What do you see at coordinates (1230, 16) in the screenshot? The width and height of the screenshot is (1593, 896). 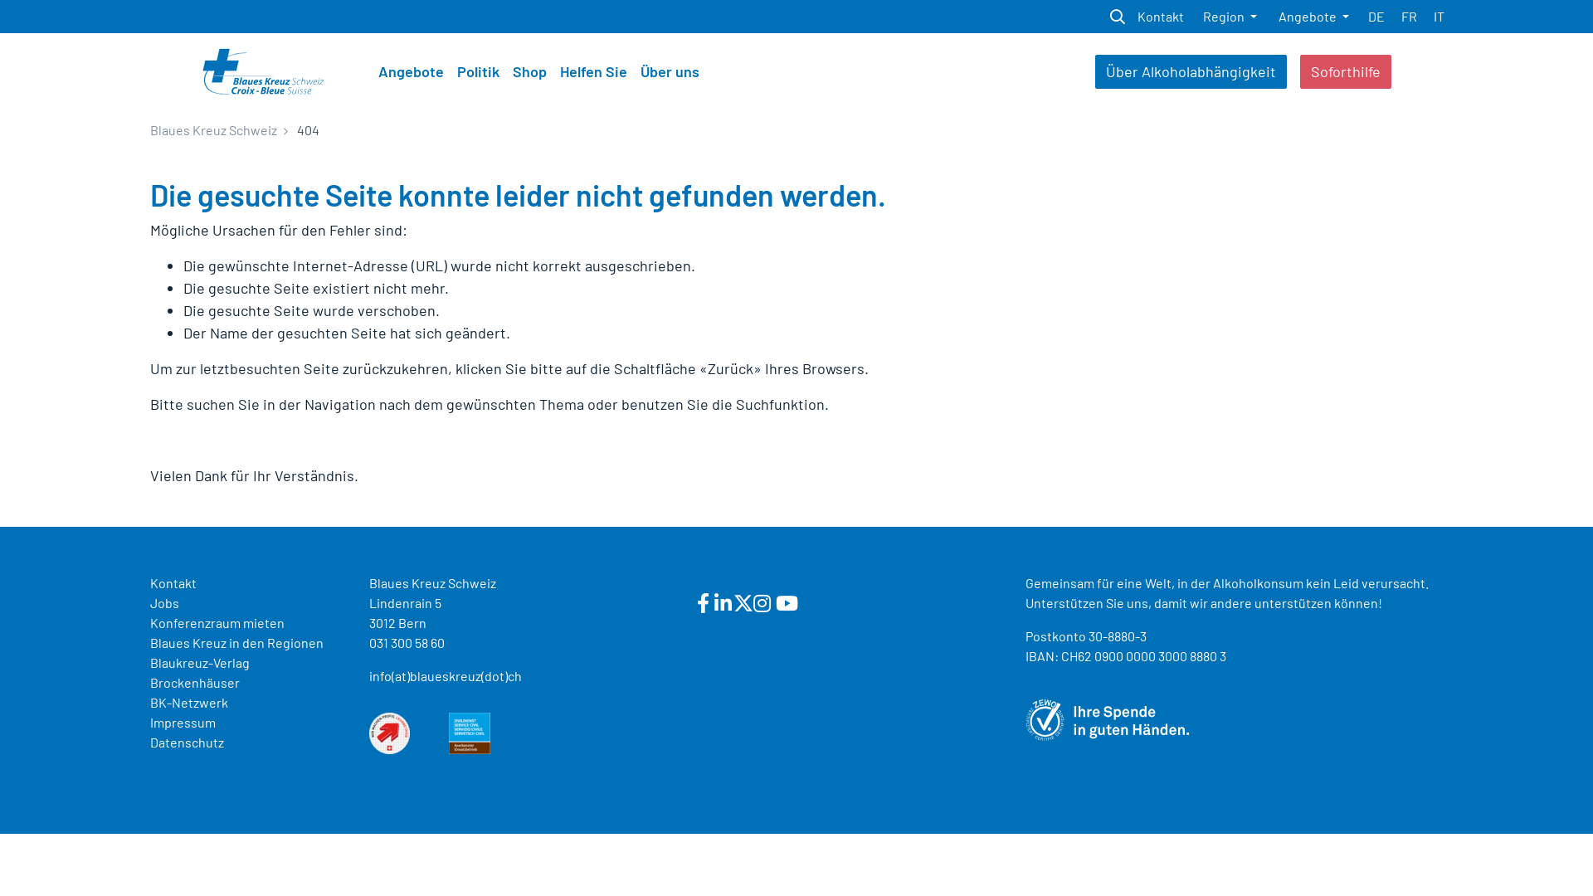 I see `'Region'` at bounding box center [1230, 16].